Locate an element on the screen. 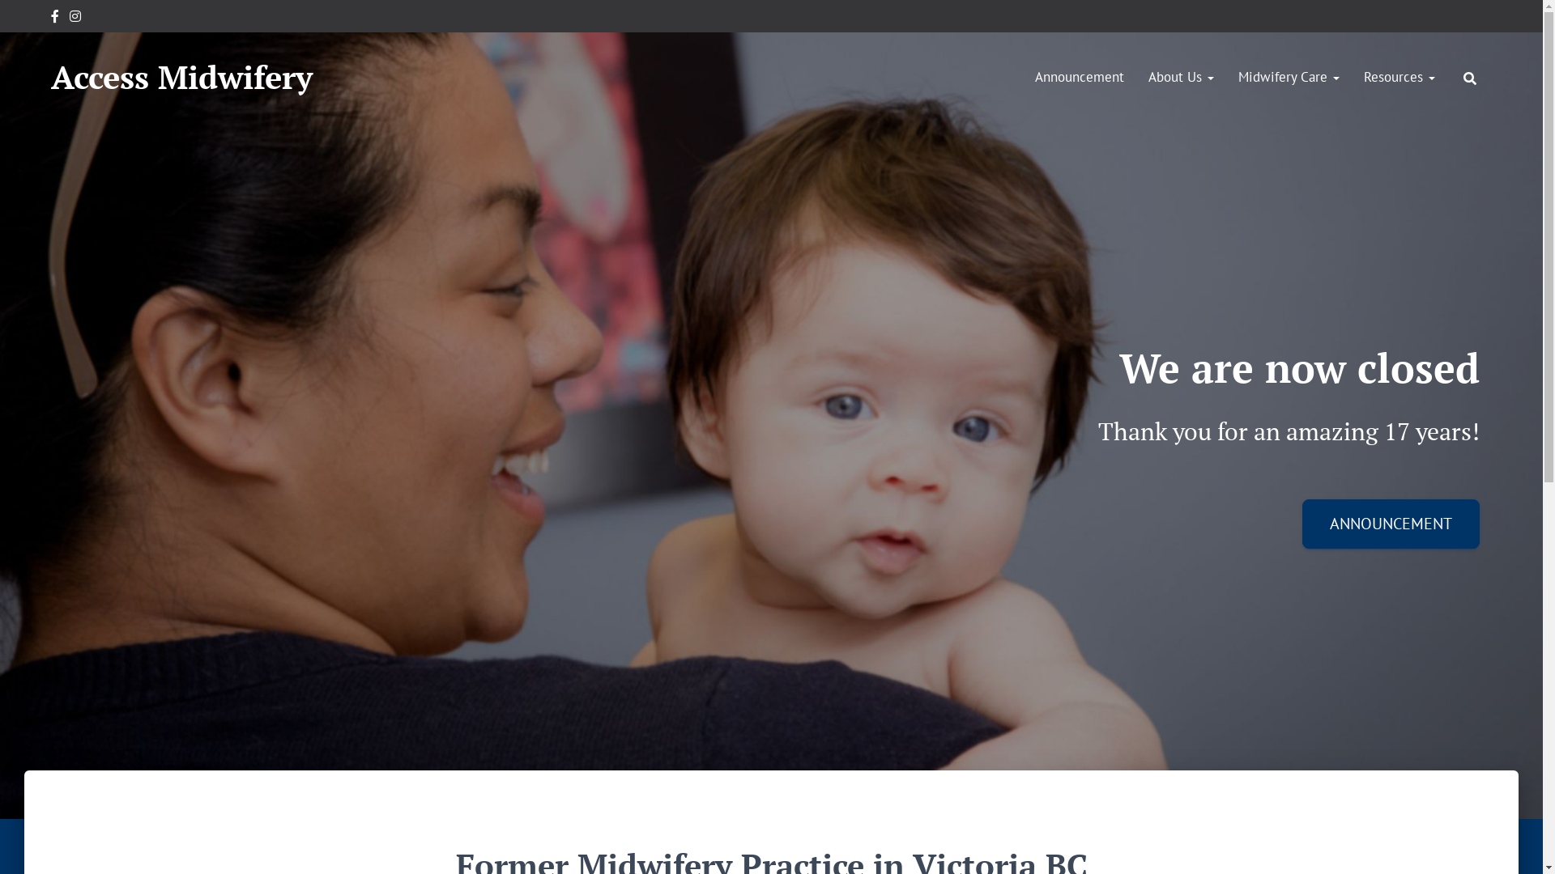 Image resolution: width=1555 pixels, height=874 pixels. 'Announcement' is located at coordinates (1080, 77).